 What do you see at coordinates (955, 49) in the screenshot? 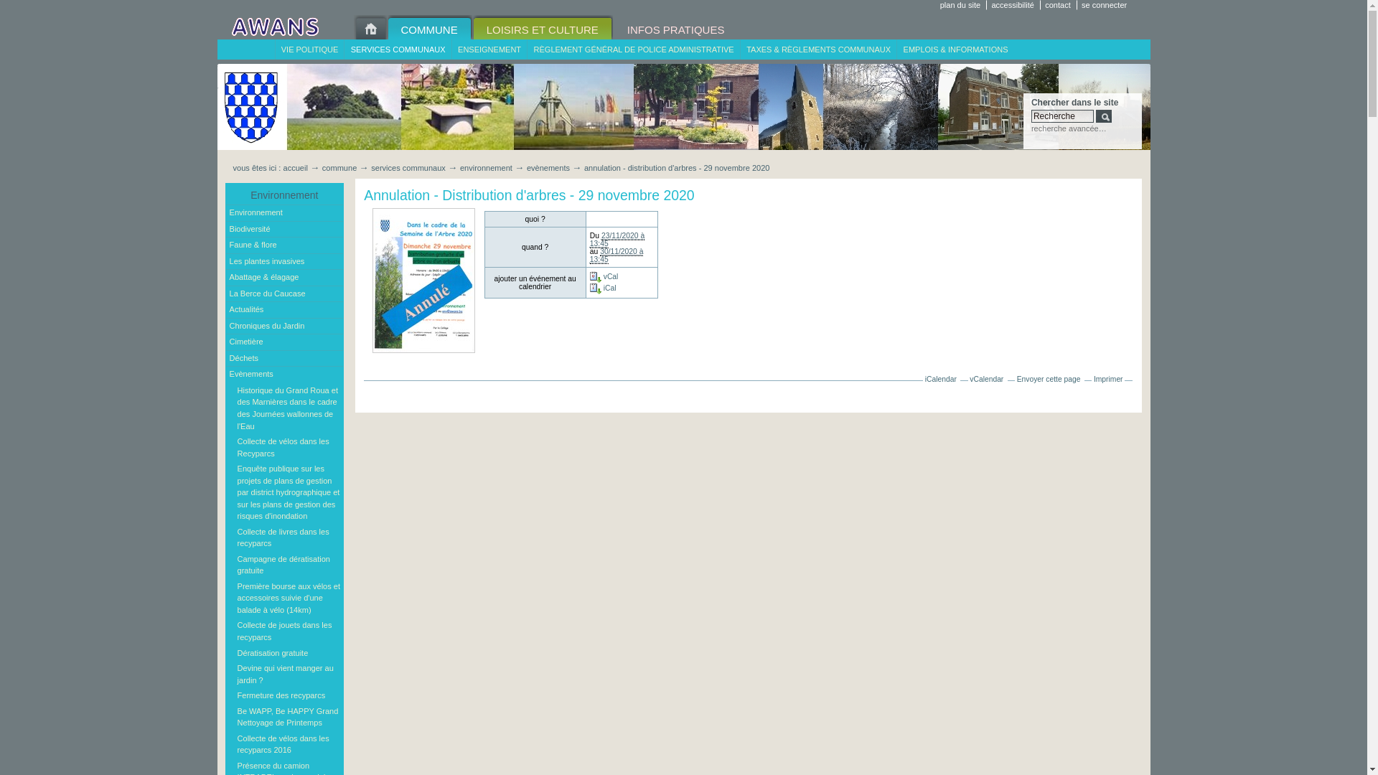
I see `'EMPLOIS & INFORMATIONS'` at bounding box center [955, 49].